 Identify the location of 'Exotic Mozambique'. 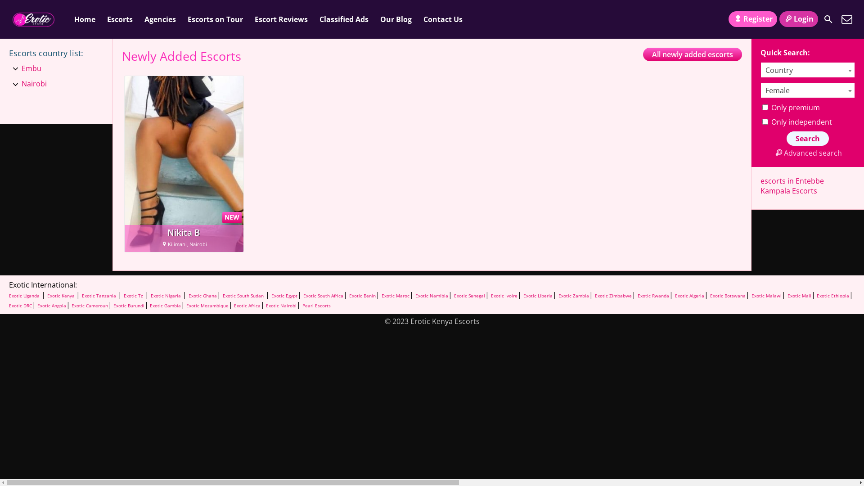
(206, 305).